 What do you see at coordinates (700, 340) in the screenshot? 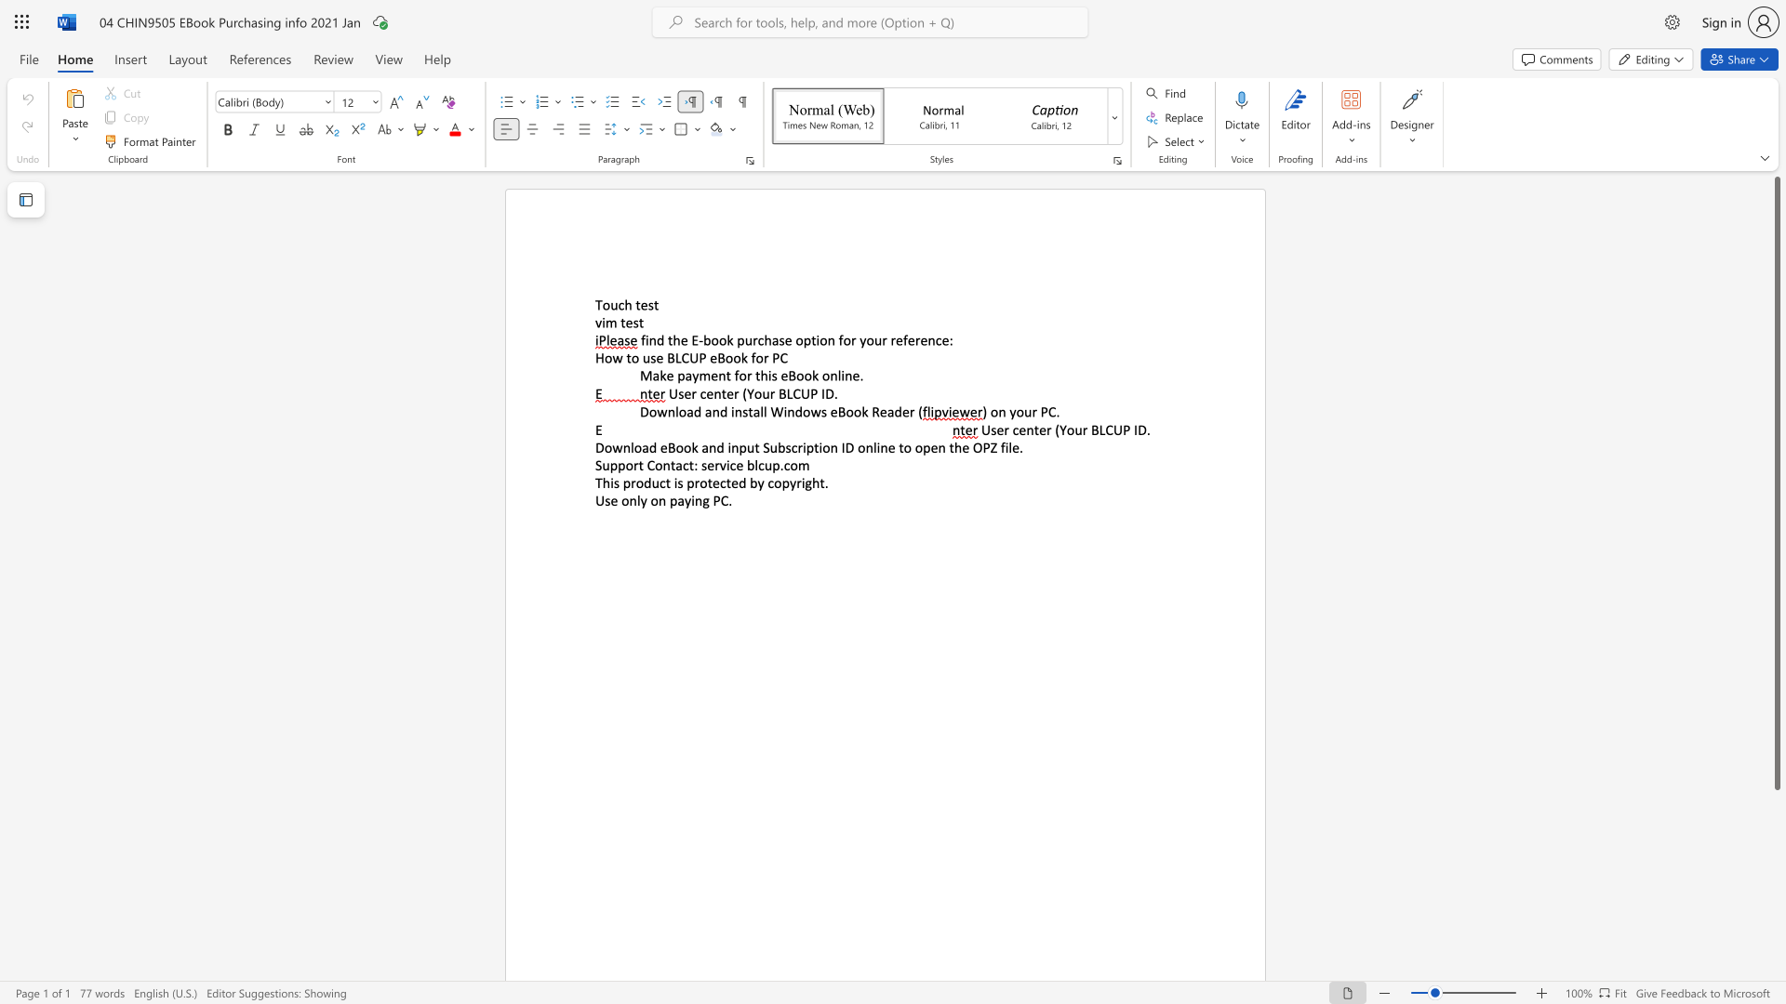
I see `the 1th character "-" in the text` at bounding box center [700, 340].